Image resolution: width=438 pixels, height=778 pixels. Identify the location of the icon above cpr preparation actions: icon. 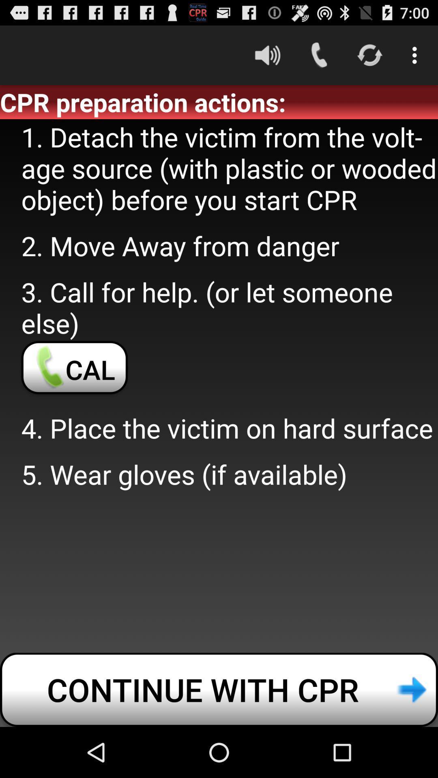
(417, 55).